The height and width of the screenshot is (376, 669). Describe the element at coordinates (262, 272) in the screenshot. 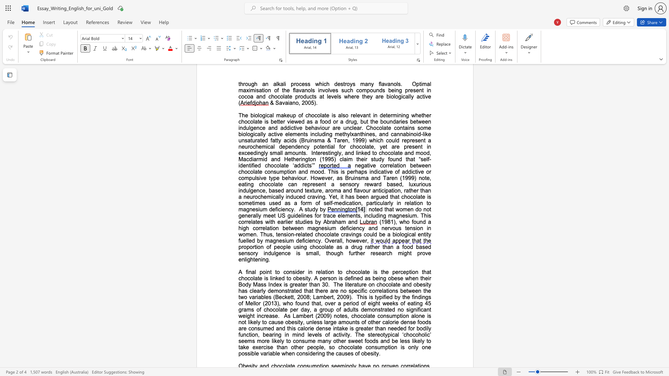

I see `the subset text "oi" within the text "A final point"` at that location.